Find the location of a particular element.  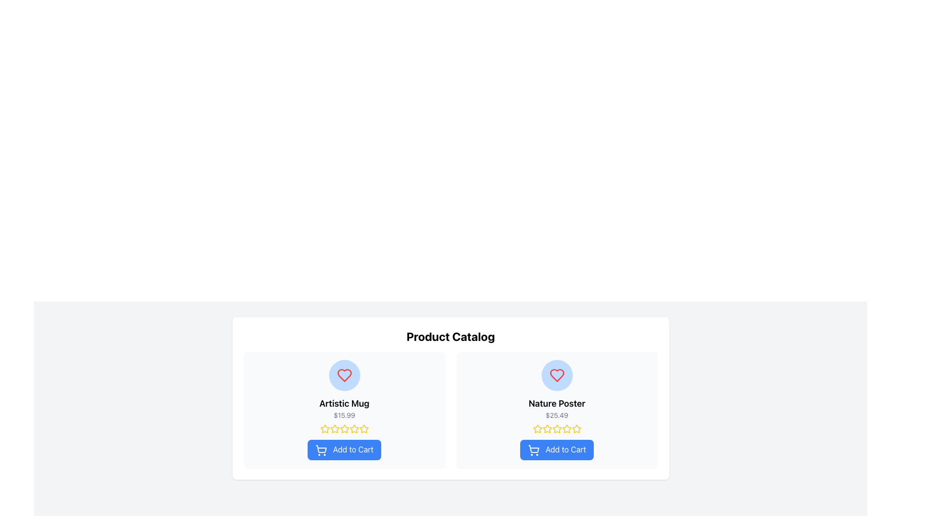

the sixth star icon in the rating section beneath the 'Nature Poster' product card, which is styled with a yellow border and white fill is located at coordinates (566, 428).